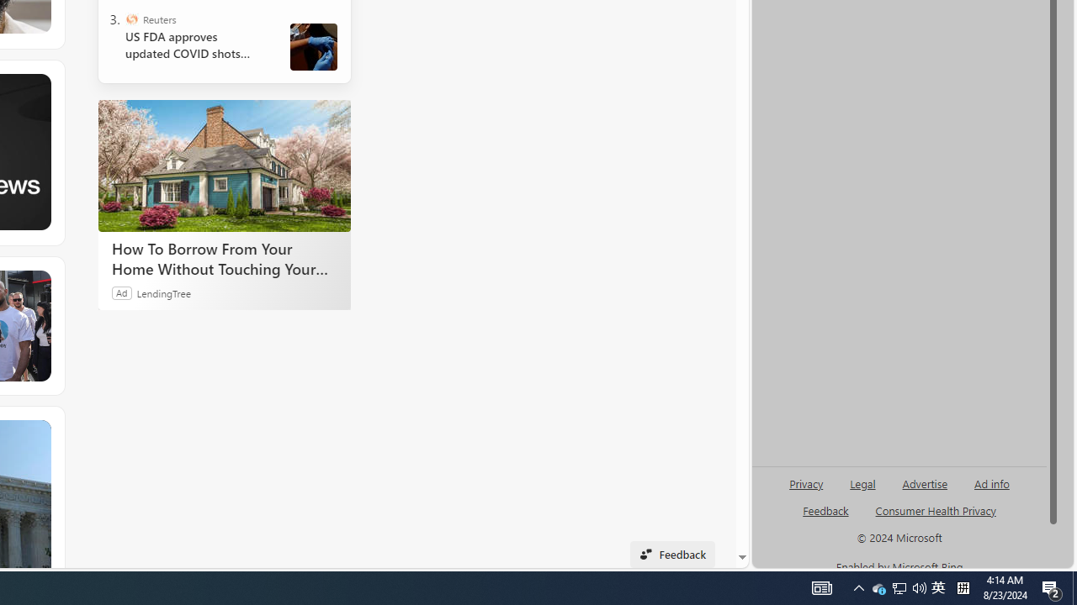 This screenshot has width=1077, height=605. Describe the element at coordinates (130, 19) in the screenshot. I see `'Reuters'` at that location.